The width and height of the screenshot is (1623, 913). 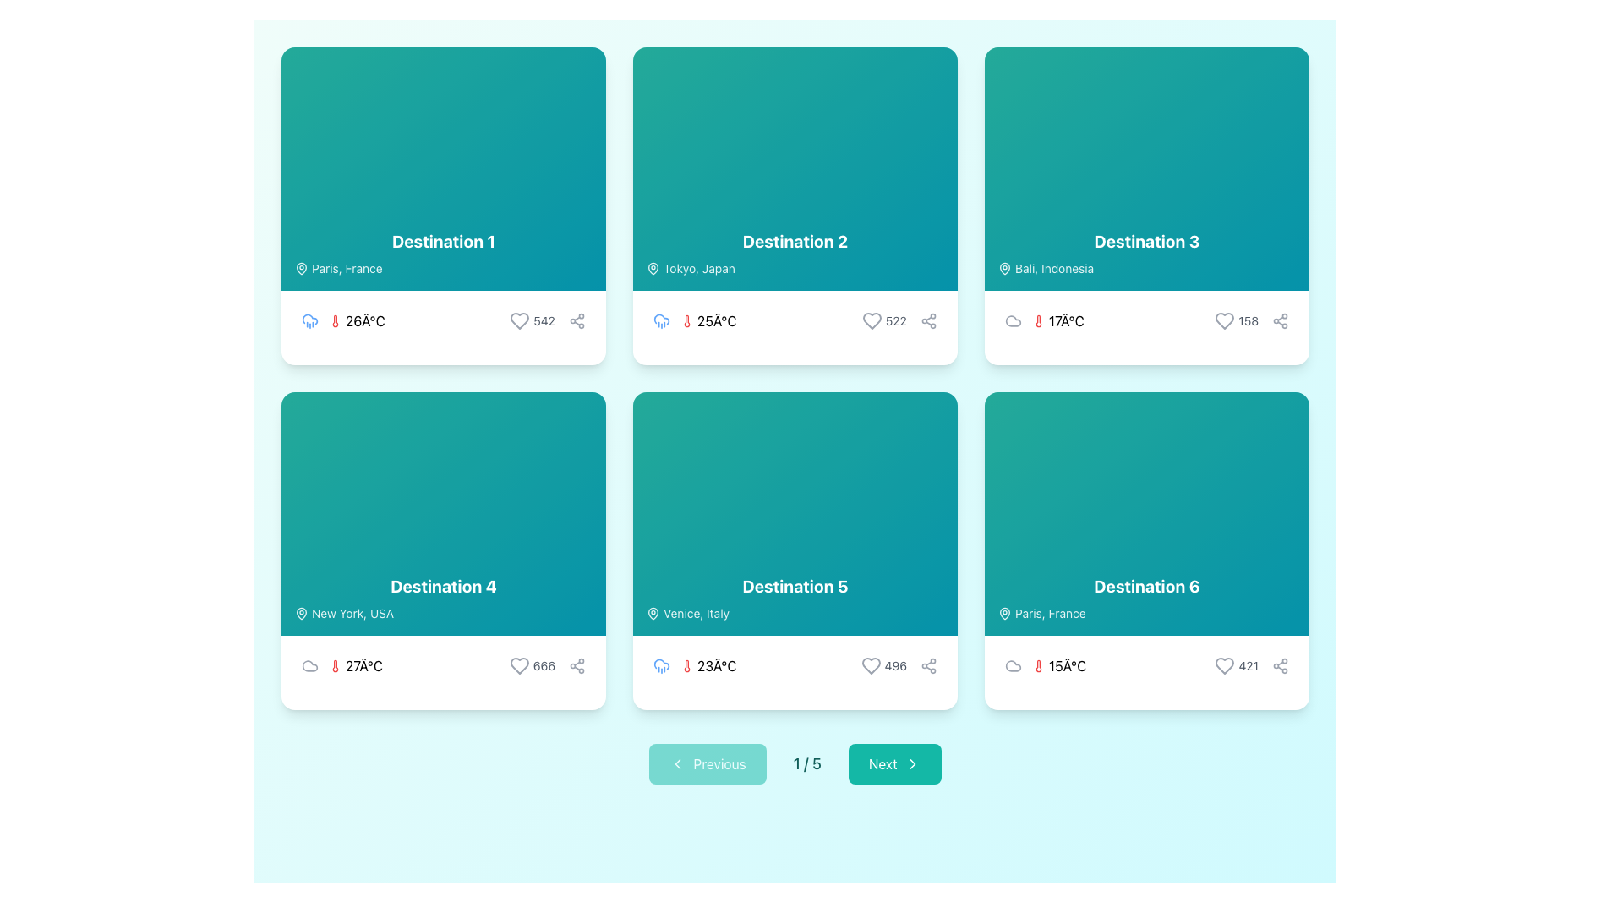 I want to click on the heart-shaped icon located in the bottom-right section of the 'Destination 6' card to like or favorite, so click(x=1225, y=664).